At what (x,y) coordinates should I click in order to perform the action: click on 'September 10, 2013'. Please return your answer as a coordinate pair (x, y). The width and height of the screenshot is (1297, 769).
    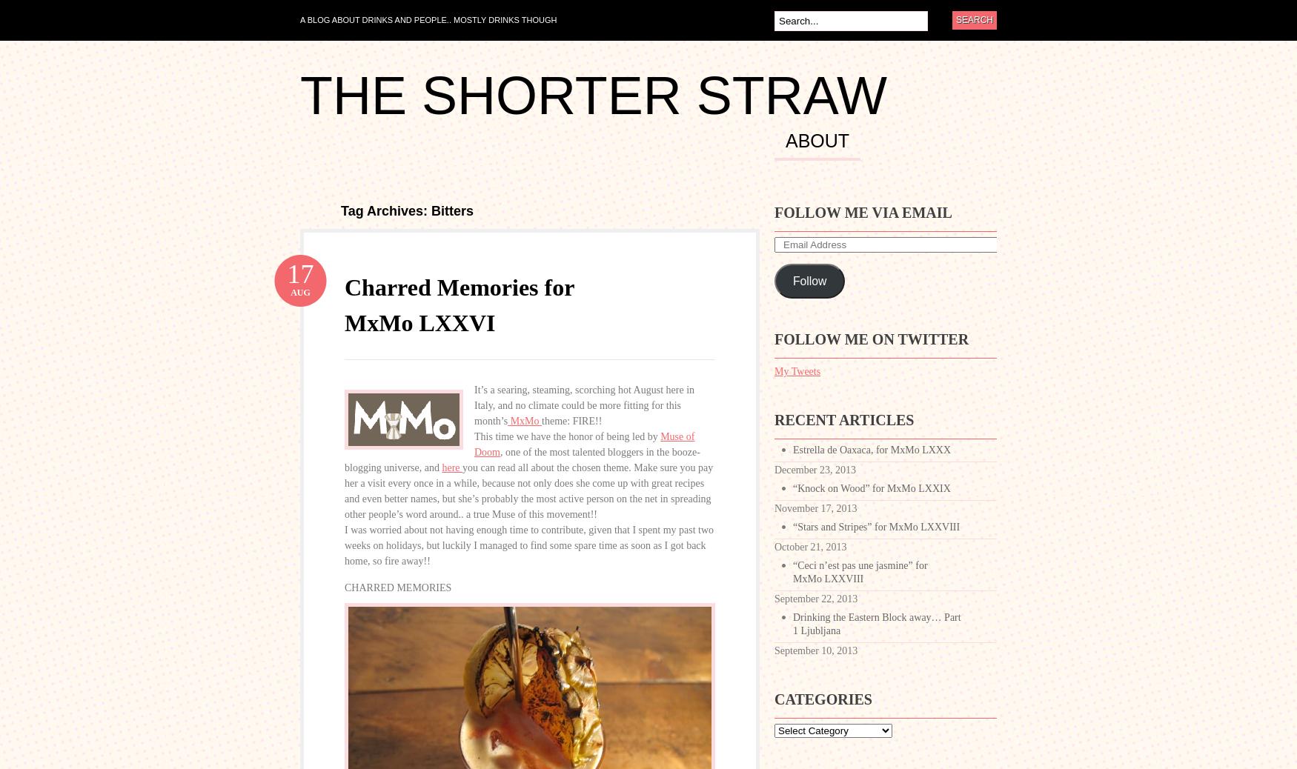
    Looking at the image, I should click on (815, 650).